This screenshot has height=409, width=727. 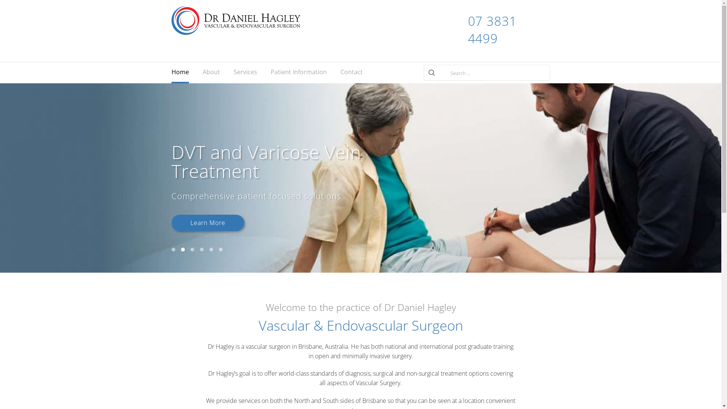 What do you see at coordinates (211, 73) in the screenshot?
I see `'About'` at bounding box center [211, 73].